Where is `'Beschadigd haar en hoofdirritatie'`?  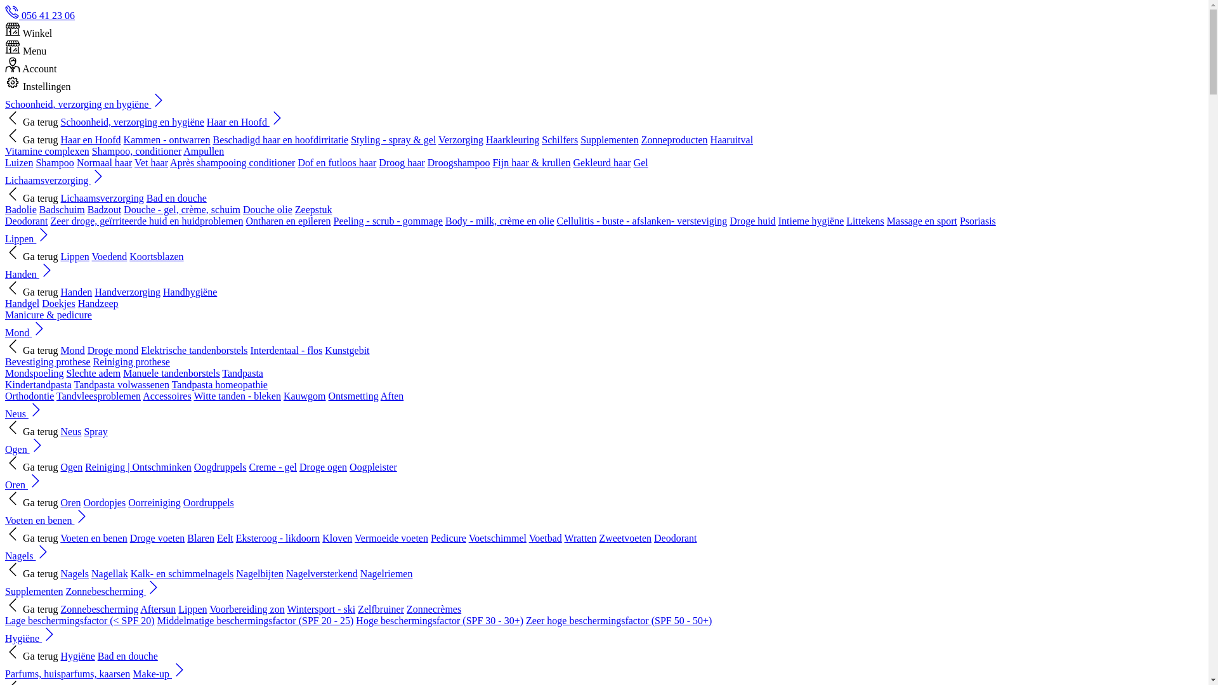
'Beschadigd haar en hoofdirritatie' is located at coordinates (279, 140).